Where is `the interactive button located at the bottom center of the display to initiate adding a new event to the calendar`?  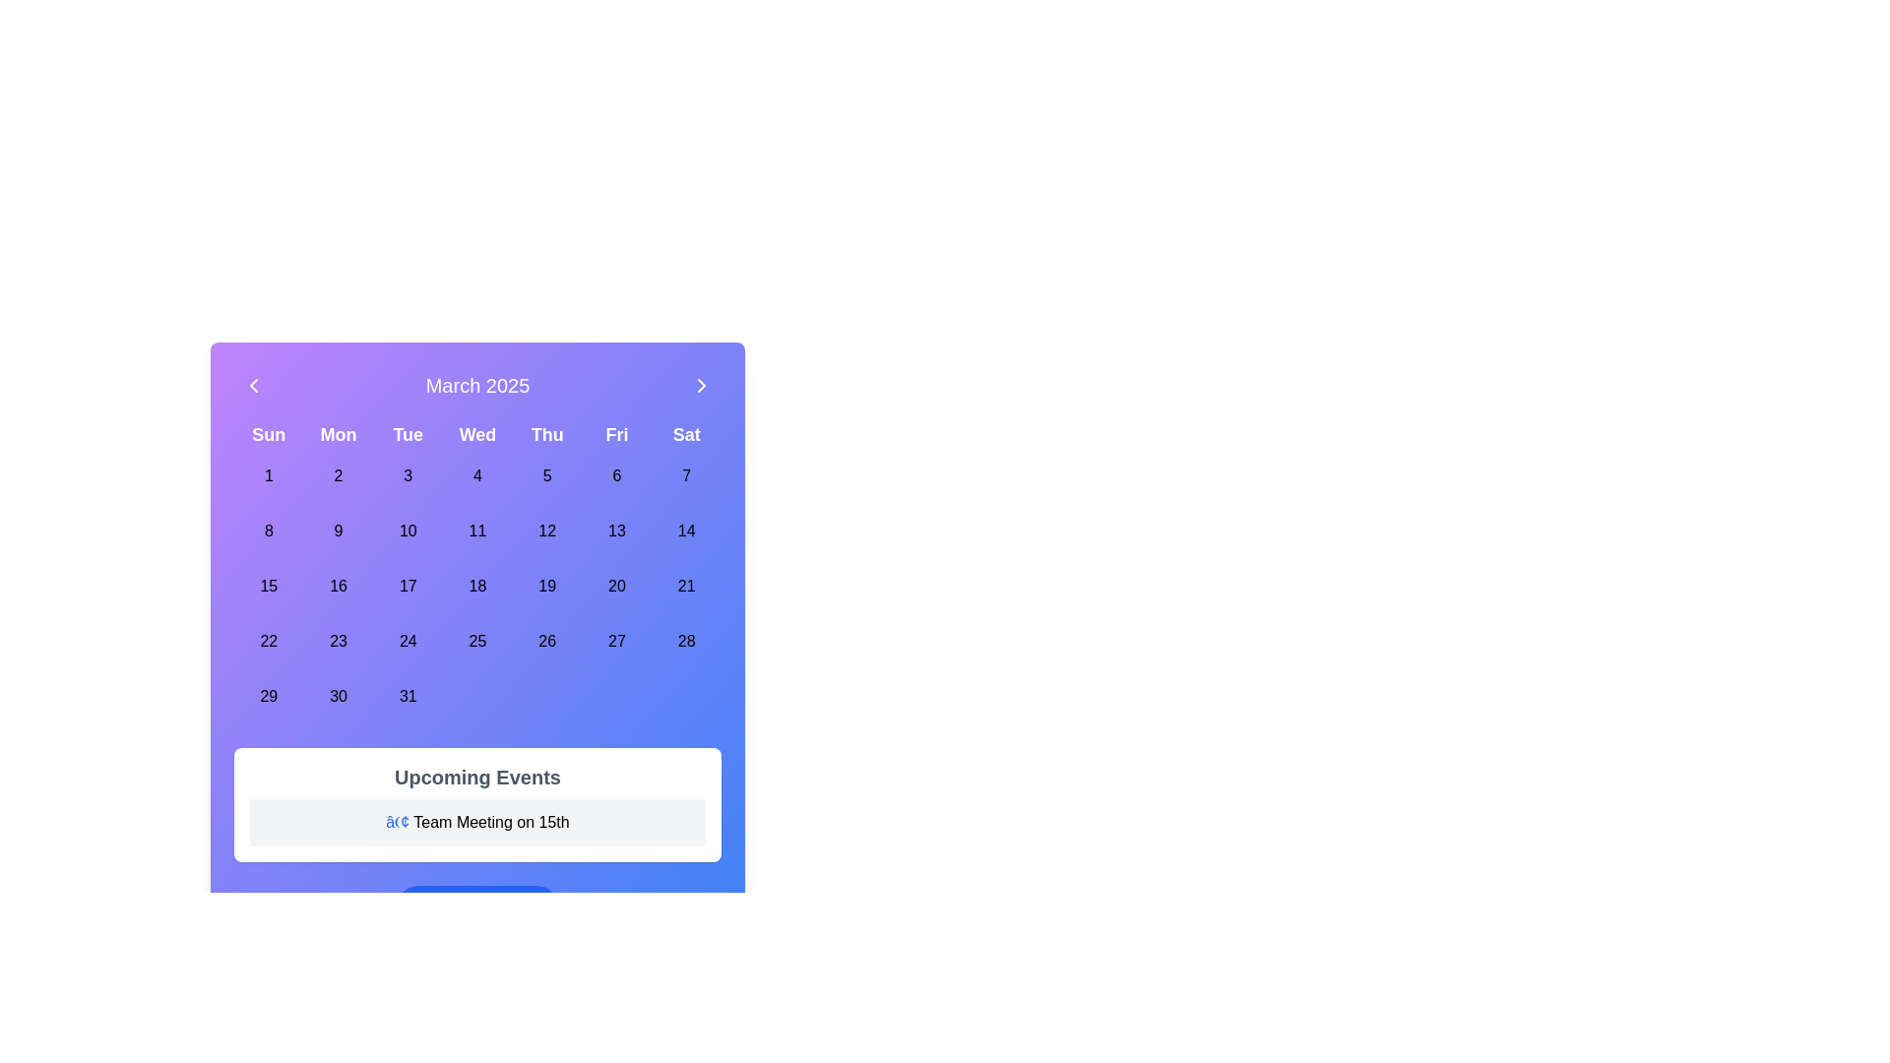 the interactive button located at the bottom center of the display to initiate adding a new event to the calendar is located at coordinates (493, 909).